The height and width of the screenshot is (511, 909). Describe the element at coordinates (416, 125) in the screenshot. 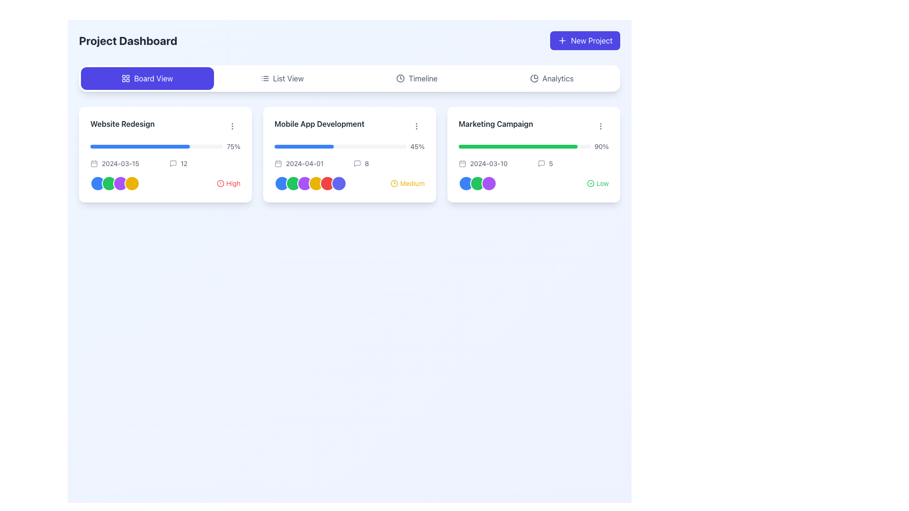

I see `the button located at the top-right corner of the 'Mobile App Development' card to trigger a background color change` at that location.